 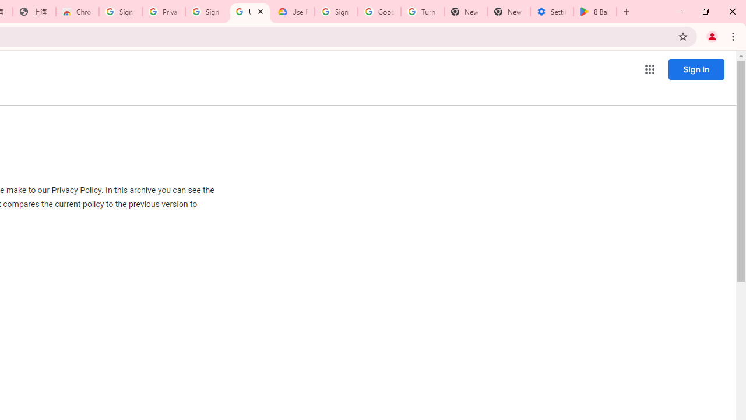 What do you see at coordinates (77, 12) in the screenshot?
I see `'Chrome Web Store - Color themes by Chrome'` at bounding box center [77, 12].